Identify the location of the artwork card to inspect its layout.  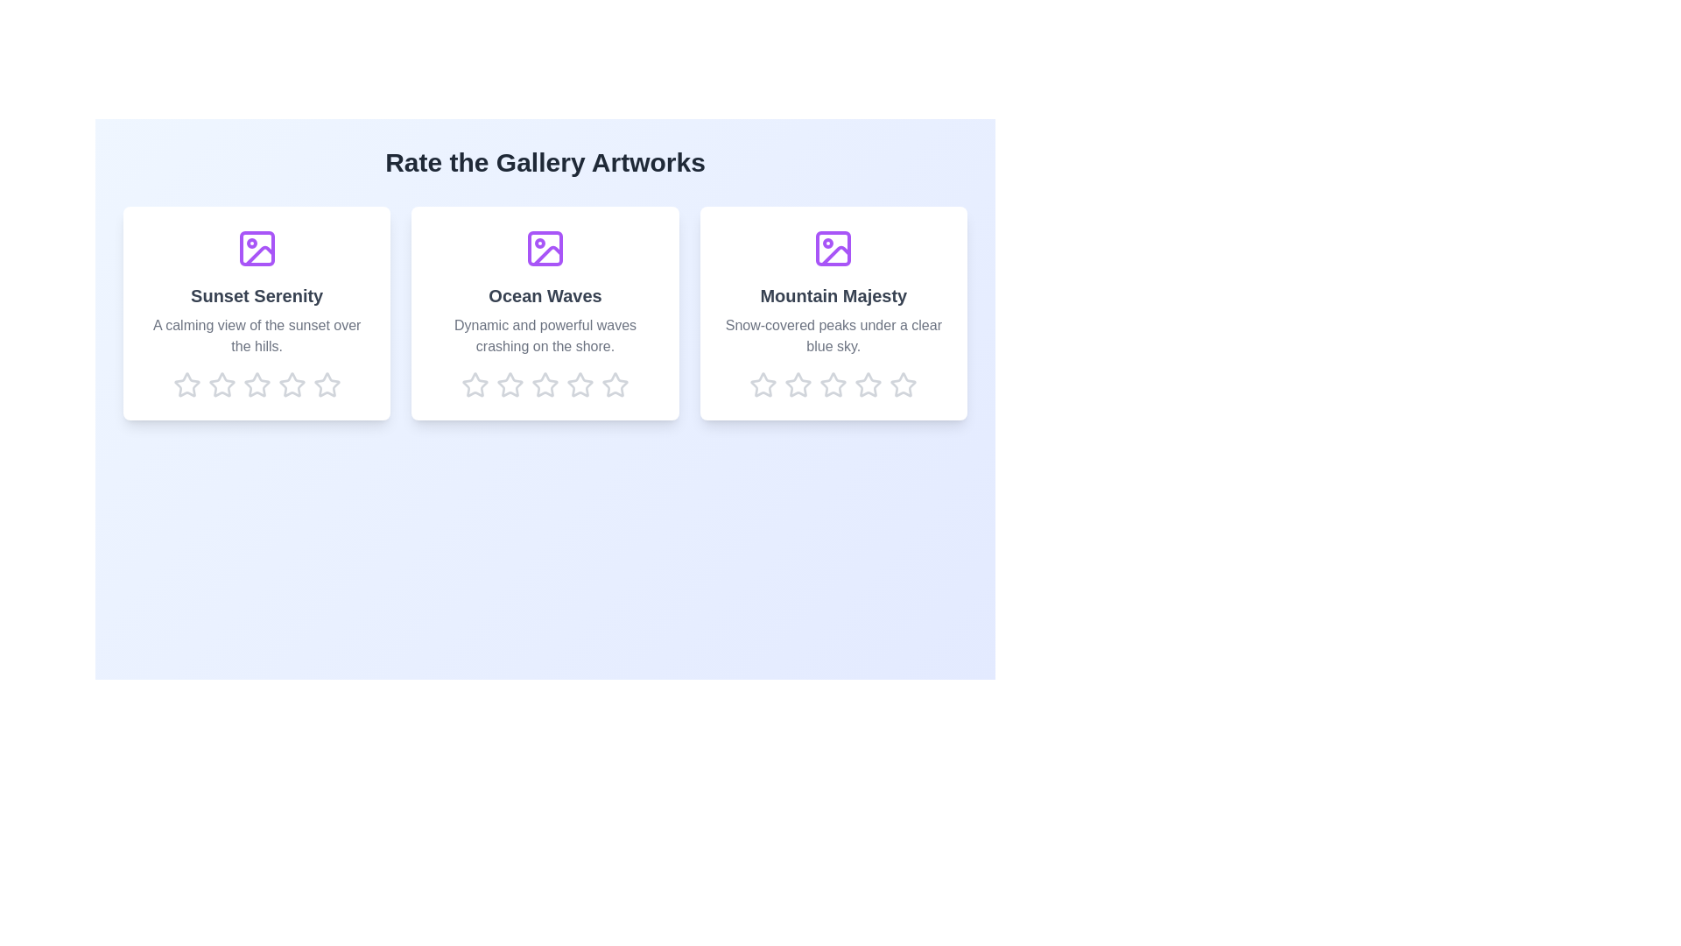
(255, 313).